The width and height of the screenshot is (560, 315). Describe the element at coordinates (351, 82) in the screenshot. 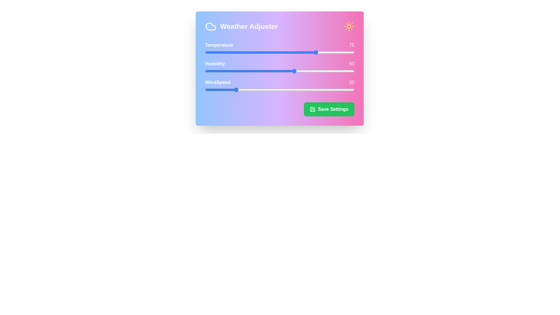

I see `the numeric text display indicating the current 'WindSpeed' value, located in the lower-right section of the interface, adjacent to the 'WindSpeed' label` at that location.